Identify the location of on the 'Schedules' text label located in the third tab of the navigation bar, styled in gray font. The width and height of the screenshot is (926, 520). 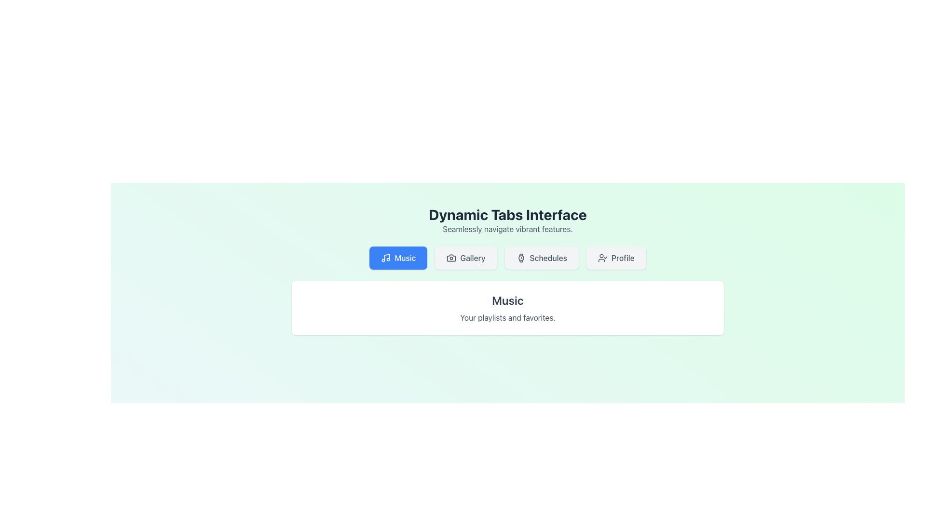
(548, 258).